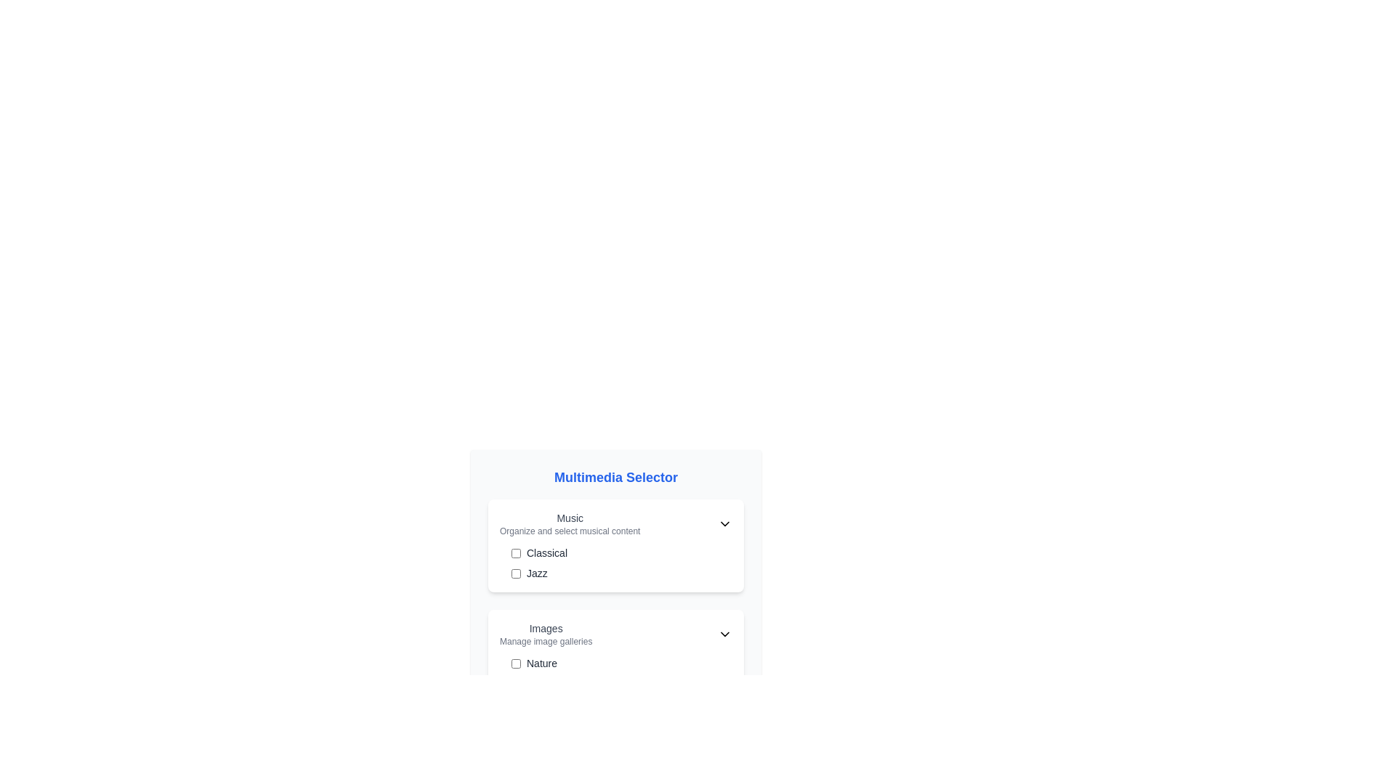 The height and width of the screenshot is (784, 1395). Describe the element at coordinates (545, 628) in the screenshot. I see `the 'Images' text label located in the 'Multimedia Selector' section, which is above 'Manage image galleries'` at that location.